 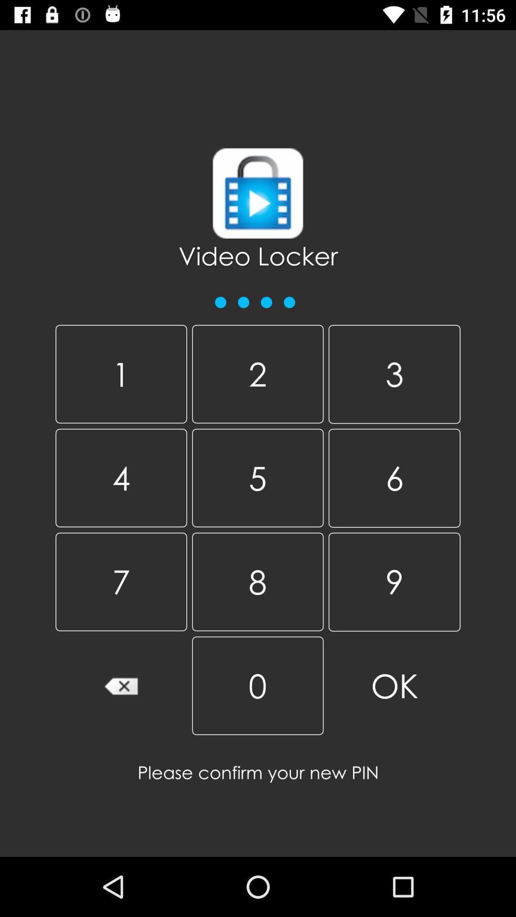 I want to click on the icon above the 5, so click(x=394, y=373).